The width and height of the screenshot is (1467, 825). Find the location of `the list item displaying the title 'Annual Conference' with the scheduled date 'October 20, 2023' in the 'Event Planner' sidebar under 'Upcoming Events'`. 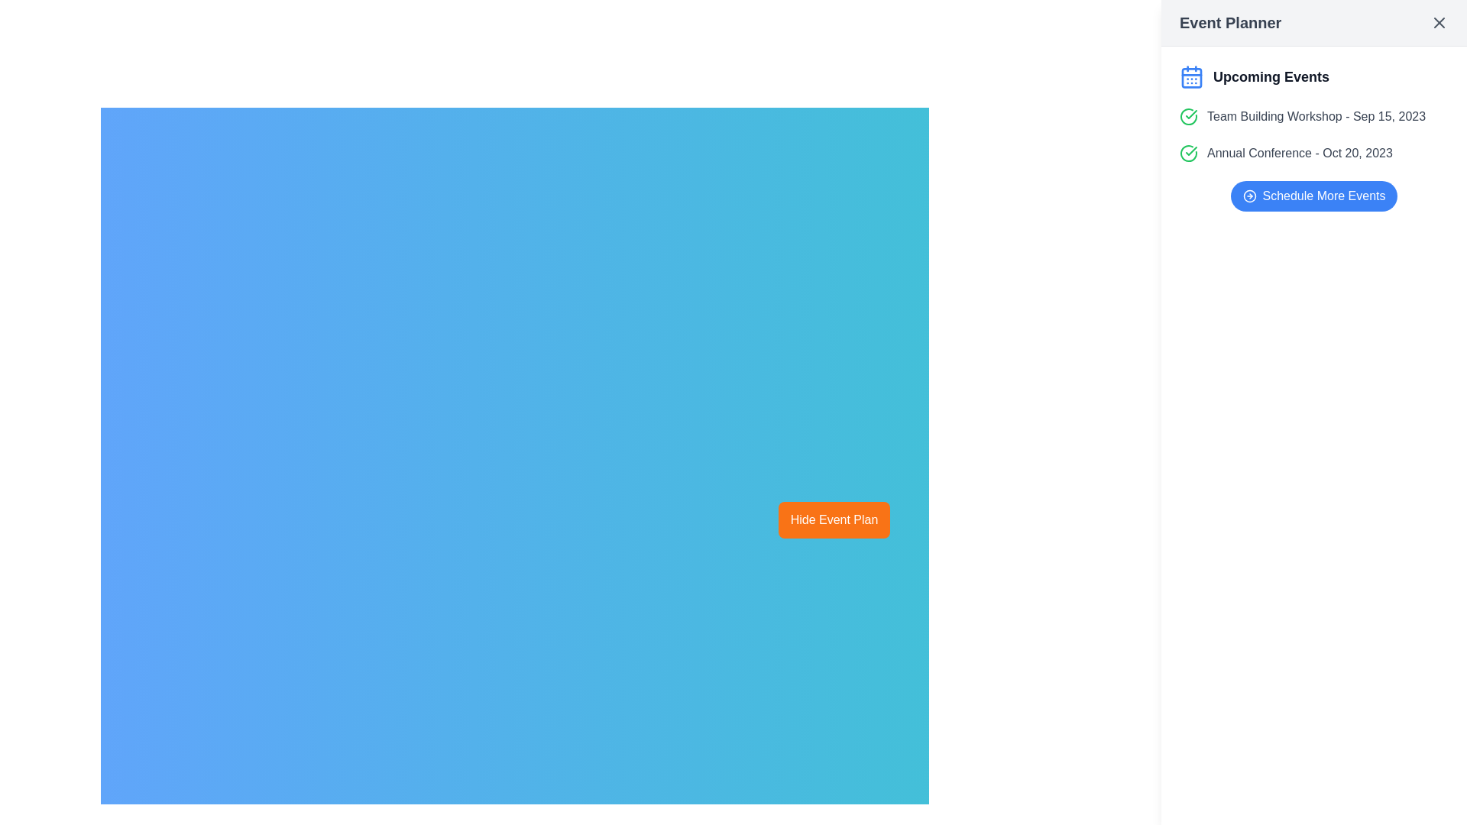

the list item displaying the title 'Annual Conference' with the scheduled date 'October 20, 2023' in the 'Event Planner' sidebar under 'Upcoming Events' is located at coordinates (1313, 153).